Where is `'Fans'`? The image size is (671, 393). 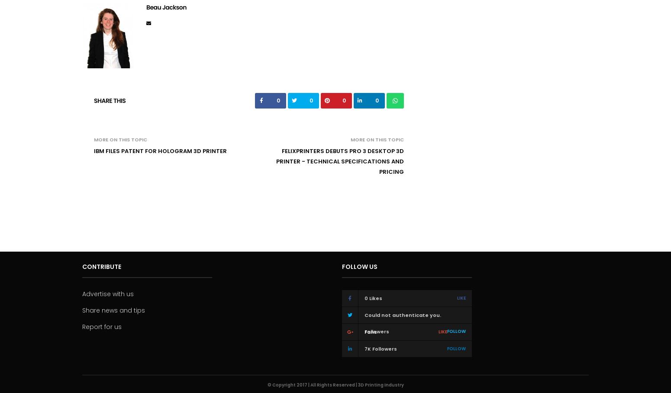 'Fans' is located at coordinates (371, 332).